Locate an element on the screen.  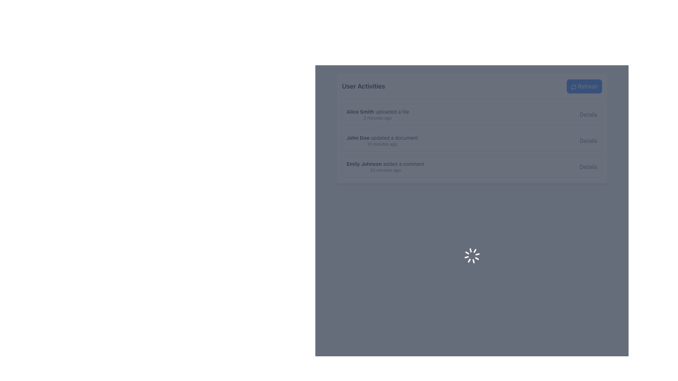
the bolded text 'John Doe' in the 'User Activities' section is located at coordinates (358, 138).